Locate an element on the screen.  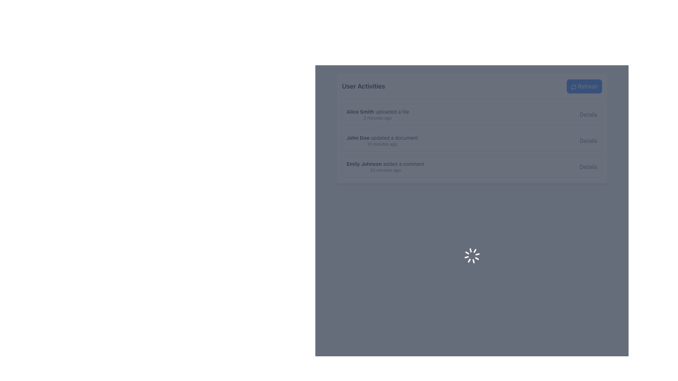
the bolded text 'John Doe' in the 'User Activities' section is located at coordinates (358, 138).